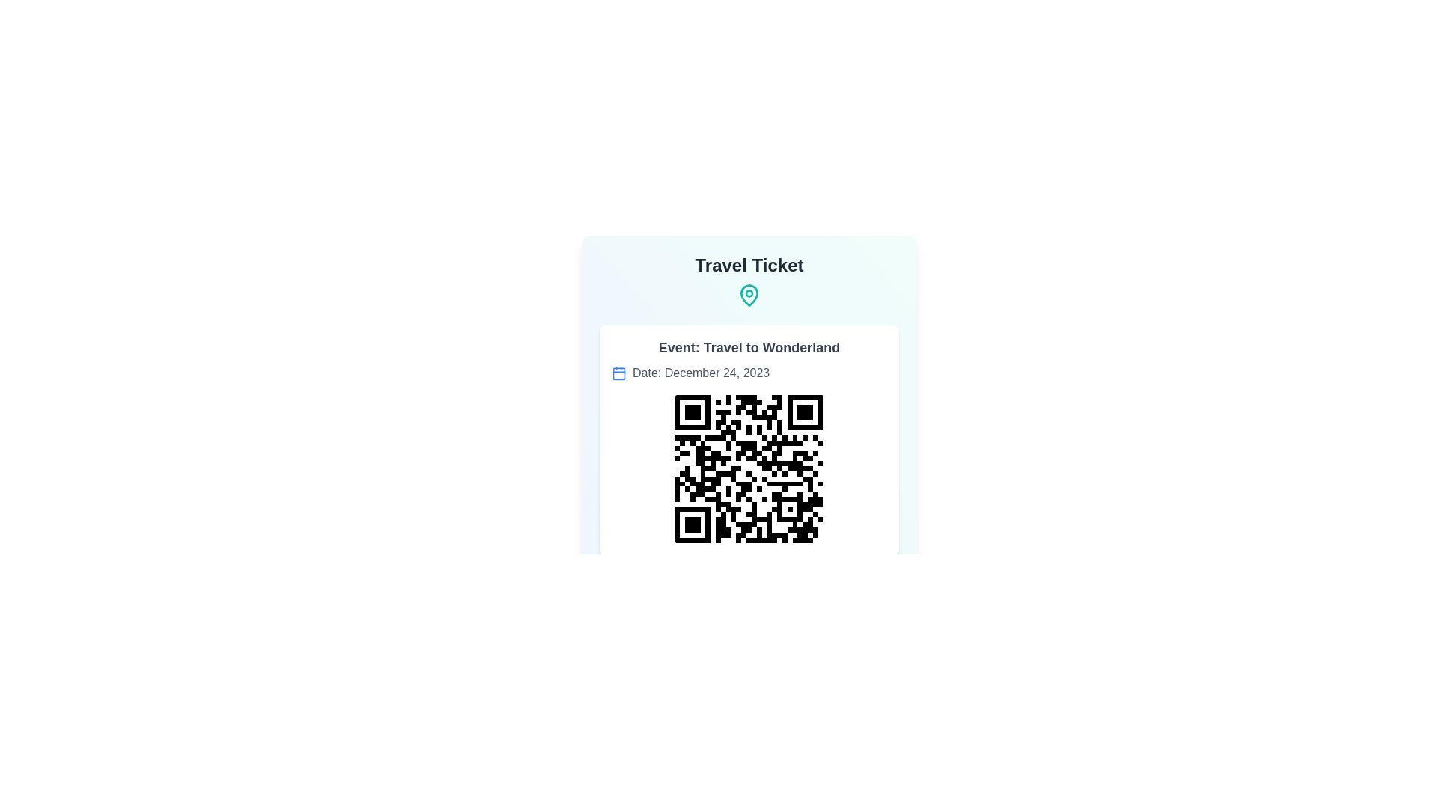 The height and width of the screenshot is (808, 1436). I want to click on the Text label displaying the date of the event, located below the 'Event: Travel to Wonderland' heading and adjacent to the calendar icon, so click(700, 372).